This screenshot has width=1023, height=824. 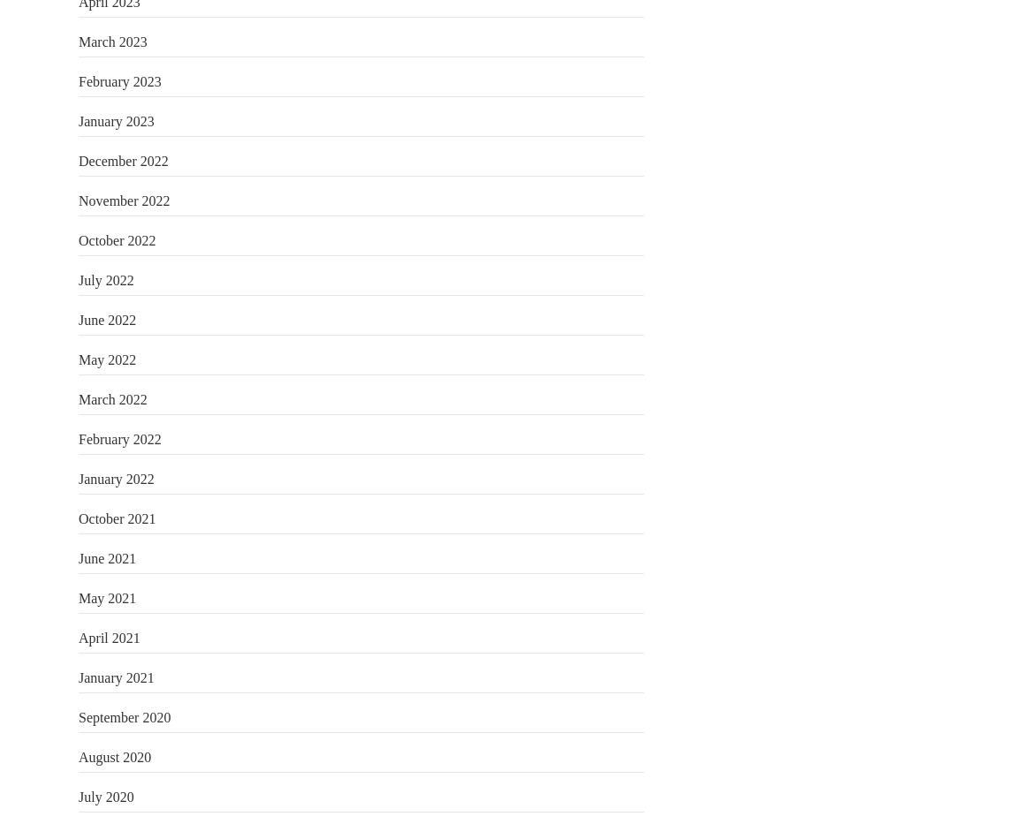 What do you see at coordinates (116, 518) in the screenshot?
I see `'October 2021'` at bounding box center [116, 518].